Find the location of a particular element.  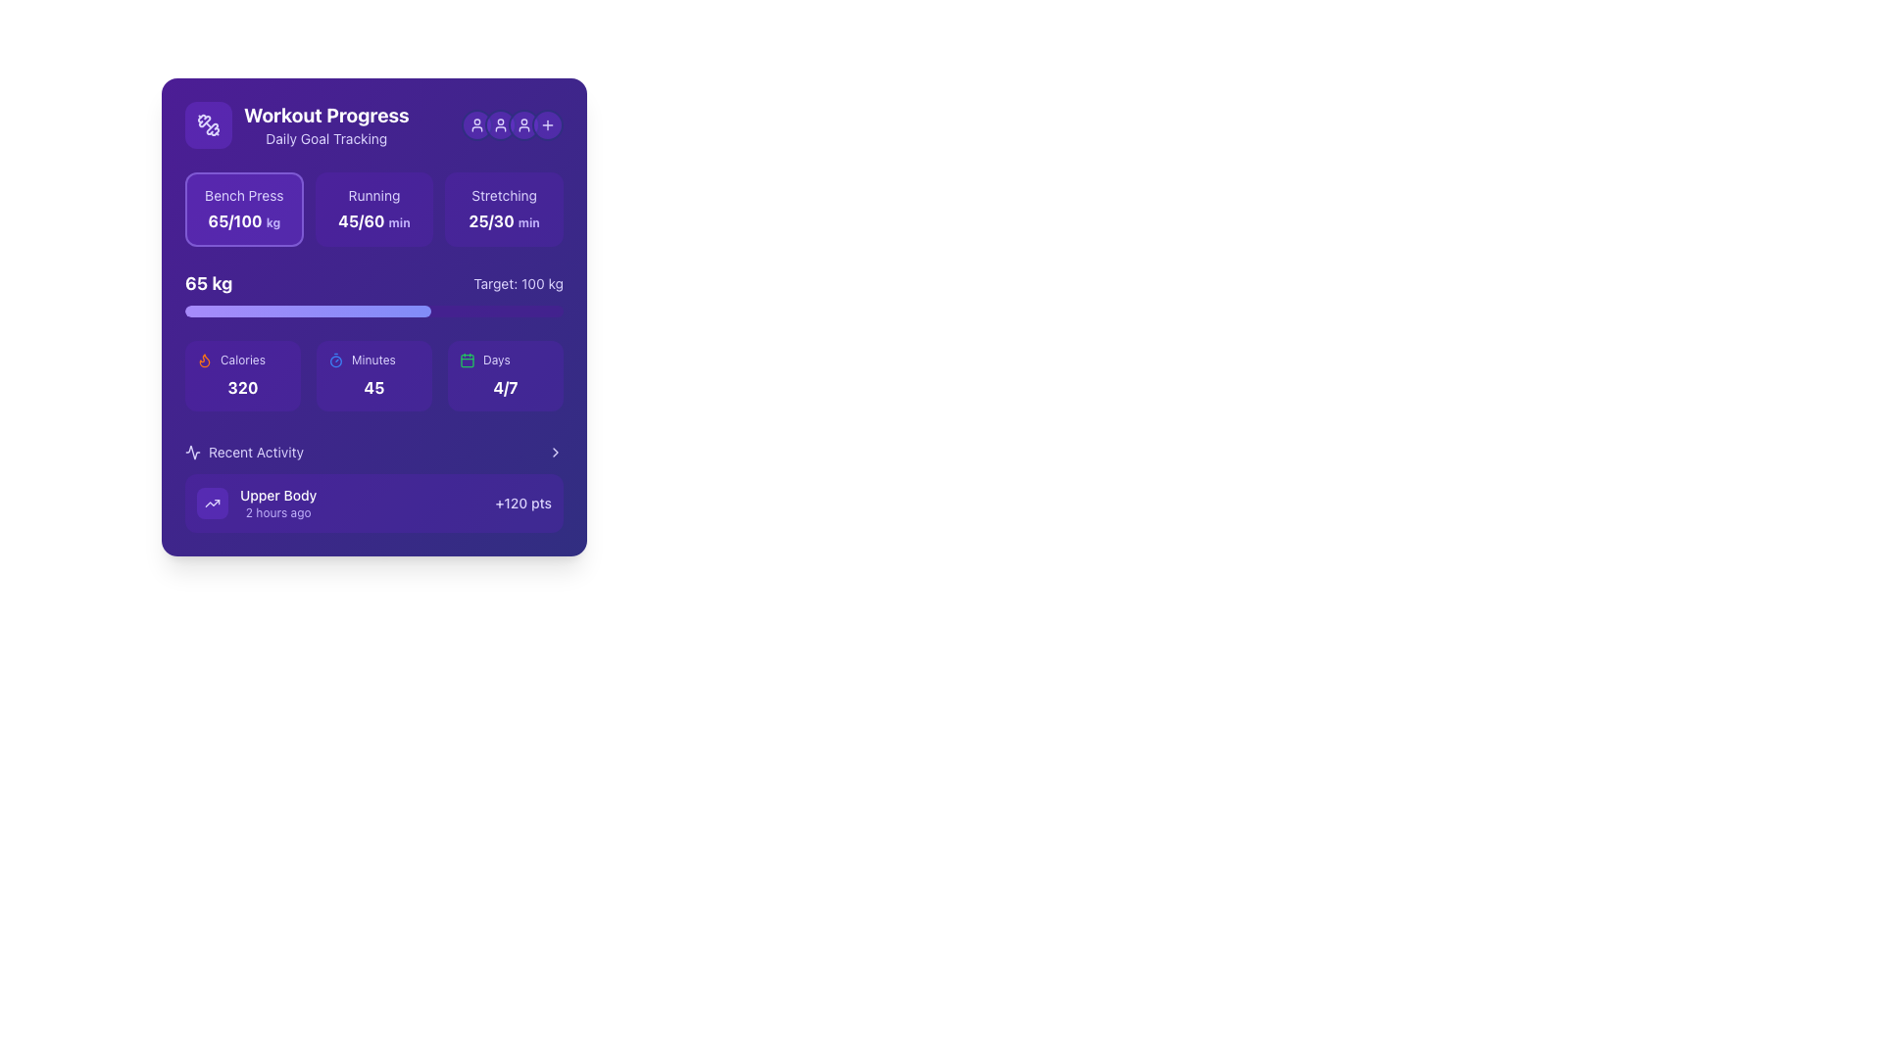

time information displayed in the text label located directly below 'Upper Body' within the 'Recent Activity' section is located at coordinates (277, 512).